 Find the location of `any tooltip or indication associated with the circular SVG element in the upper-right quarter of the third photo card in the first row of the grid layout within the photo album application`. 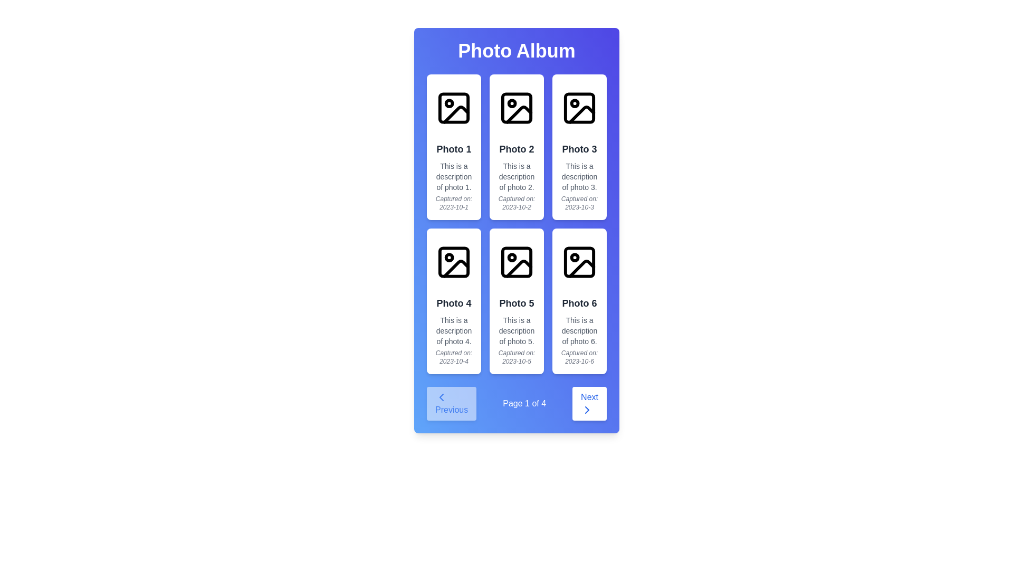

any tooltip or indication associated with the circular SVG element in the upper-right quarter of the third photo card in the first row of the grid layout within the photo album application is located at coordinates (574, 103).